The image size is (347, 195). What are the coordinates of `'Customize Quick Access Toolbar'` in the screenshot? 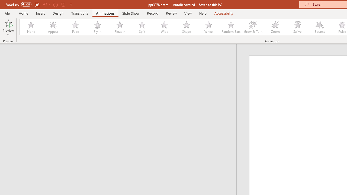 It's located at (71, 4).